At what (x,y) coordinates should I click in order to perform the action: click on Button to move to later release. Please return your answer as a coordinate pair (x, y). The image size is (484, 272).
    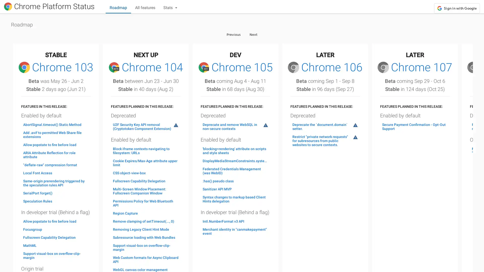
    Looking at the image, I should click on (253, 34).